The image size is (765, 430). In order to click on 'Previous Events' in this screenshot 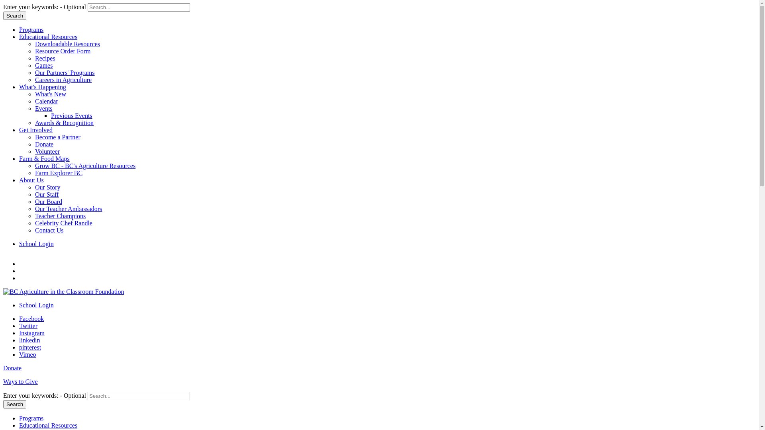, I will do `click(72, 115)`.